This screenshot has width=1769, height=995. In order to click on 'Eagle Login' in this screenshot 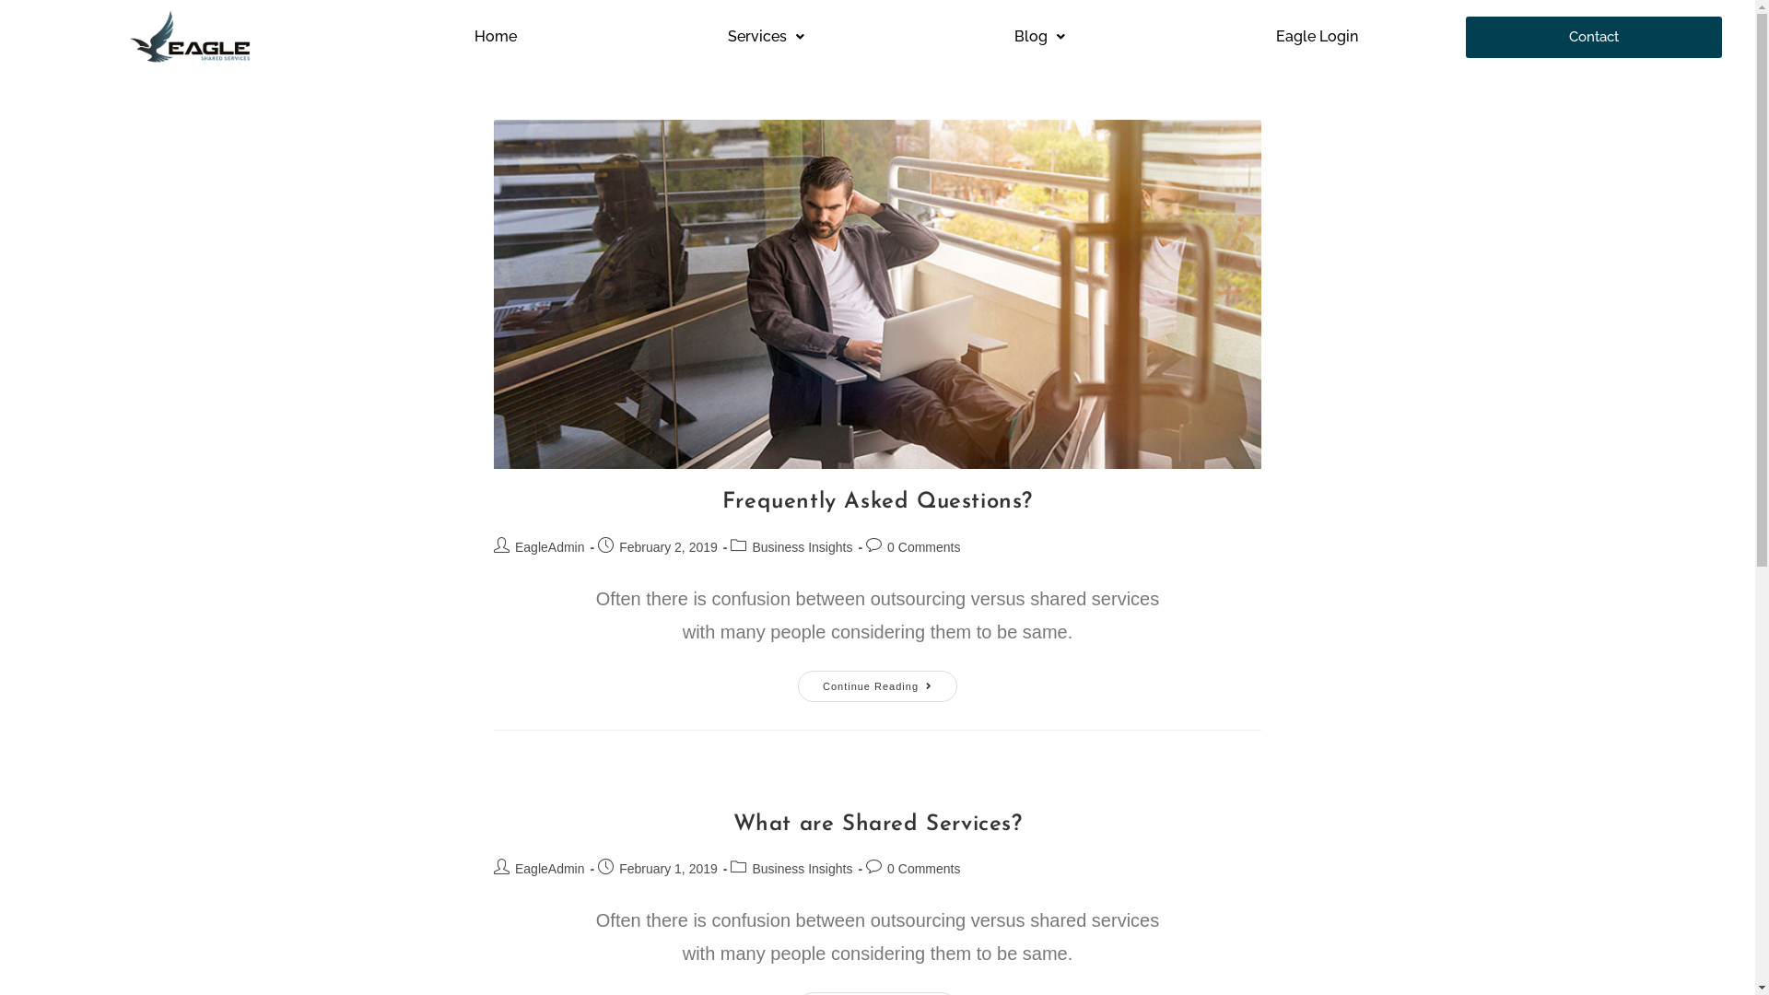, I will do `click(1316, 36)`.